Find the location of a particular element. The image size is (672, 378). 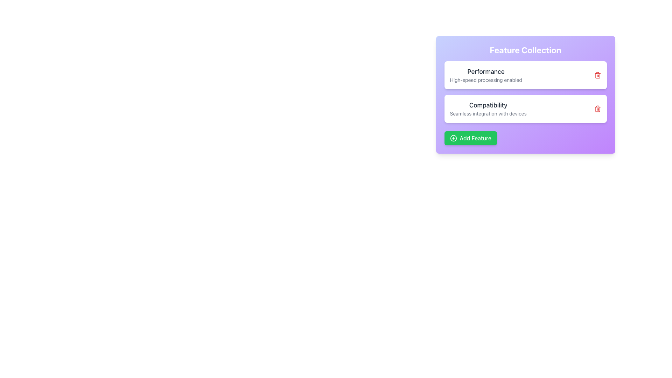

the text label that serves as a title for the feature description section, positioned within the 'Feature Collection' card, between the 'Performance' row and the 'Add Feature' button is located at coordinates (488, 105).